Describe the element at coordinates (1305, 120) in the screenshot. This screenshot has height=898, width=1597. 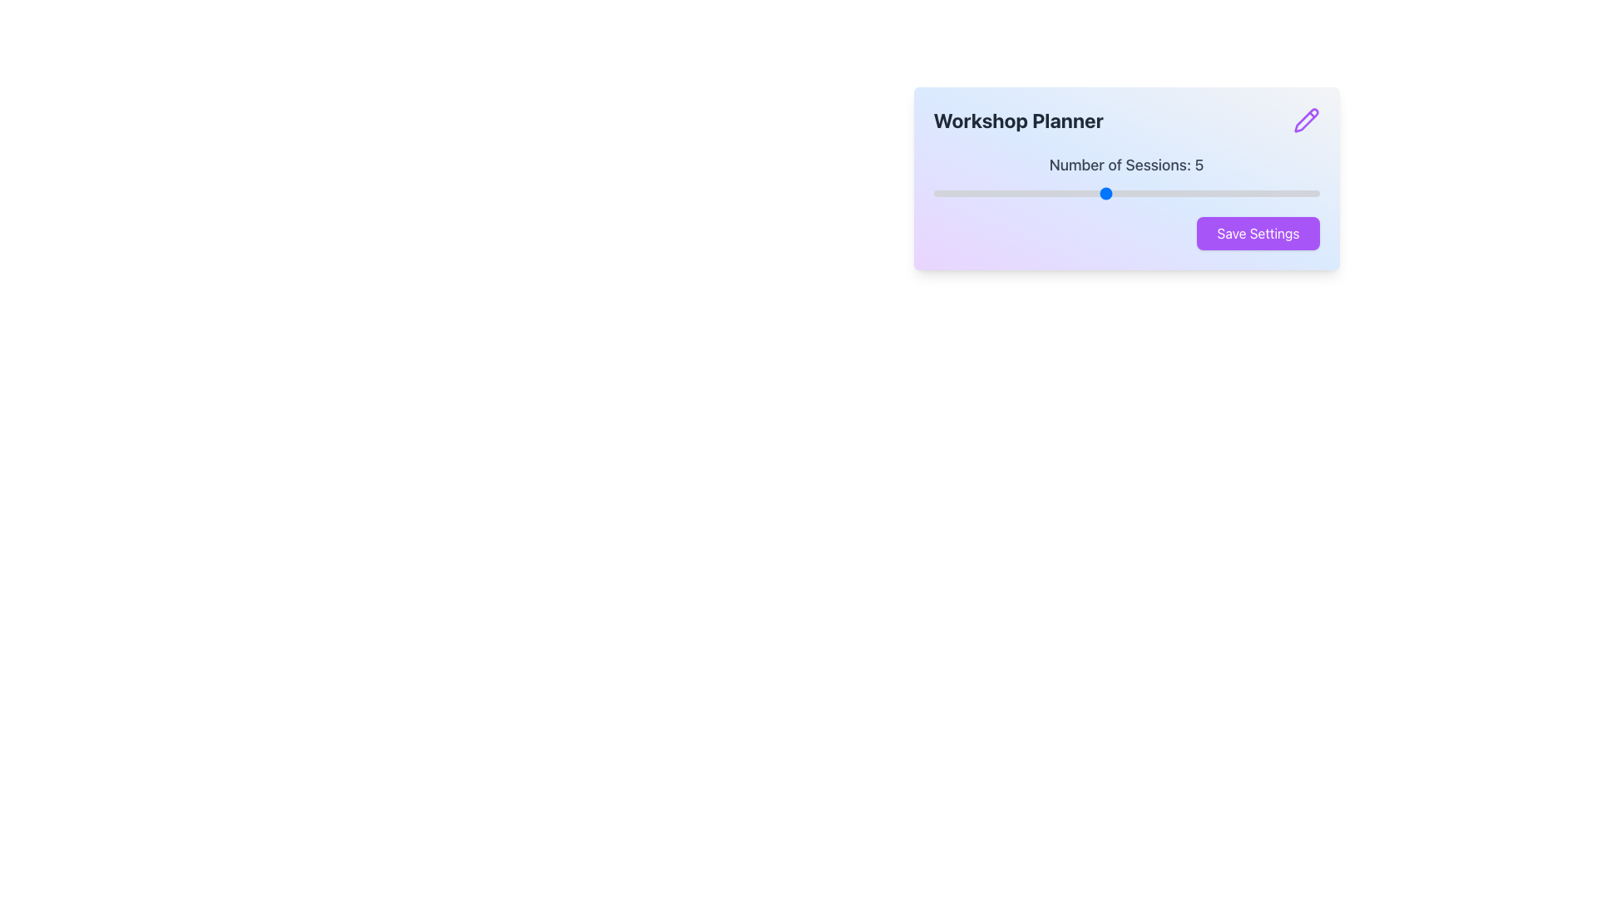
I see `the purple pencil icon in the top-right corner of the 'Workshop Planner' content box` at that location.